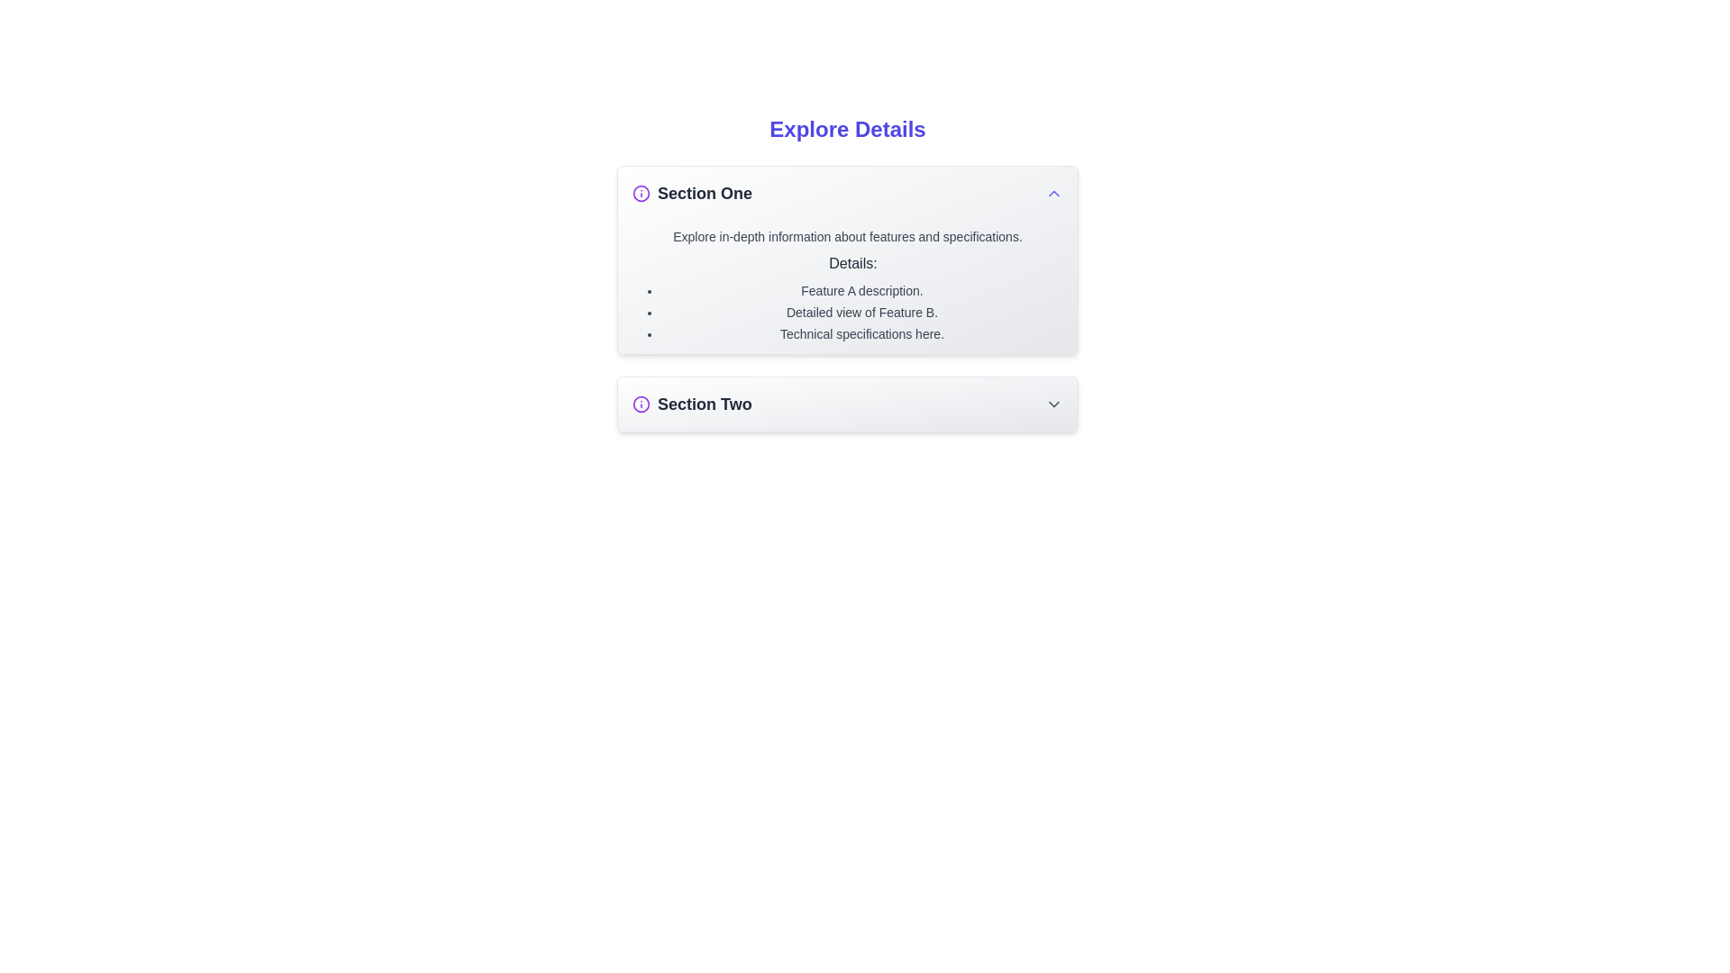  Describe the element at coordinates (691, 403) in the screenshot. I see `the text label 'Section Two' with a bold, large font and a purple 'i' icon` at that location.